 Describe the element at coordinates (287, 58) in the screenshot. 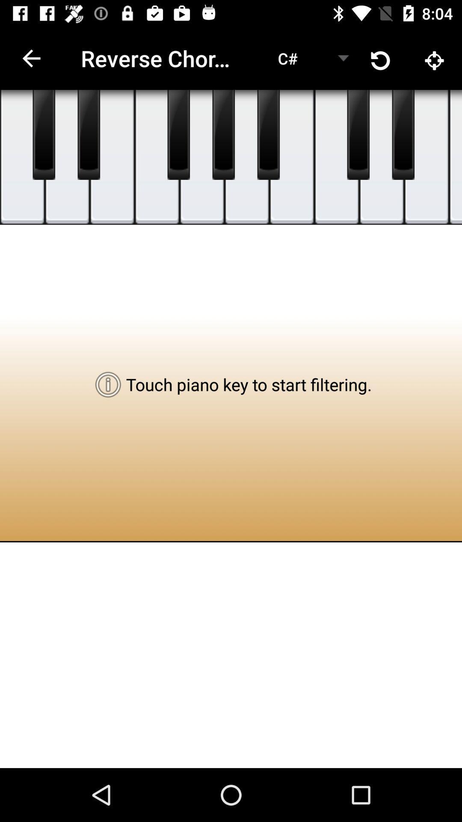

I see `c# icon` at that location.